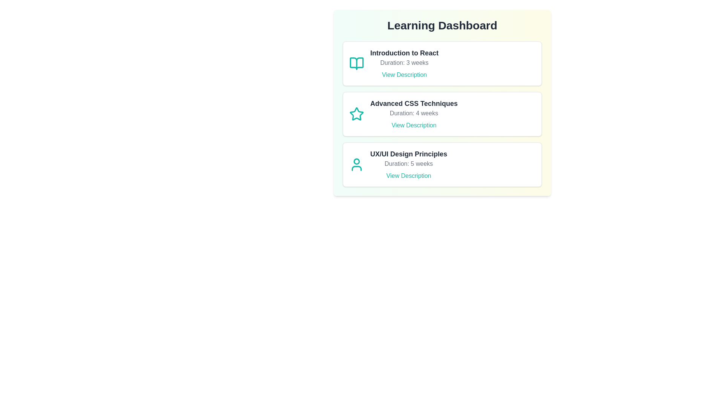 The height and width of the screenshot is (407, 724). What do you see at coordinates (356, 164) in the screenshot?
I see `the icon of the course UX/UI Design Principles` at bounding box center [356, 164].